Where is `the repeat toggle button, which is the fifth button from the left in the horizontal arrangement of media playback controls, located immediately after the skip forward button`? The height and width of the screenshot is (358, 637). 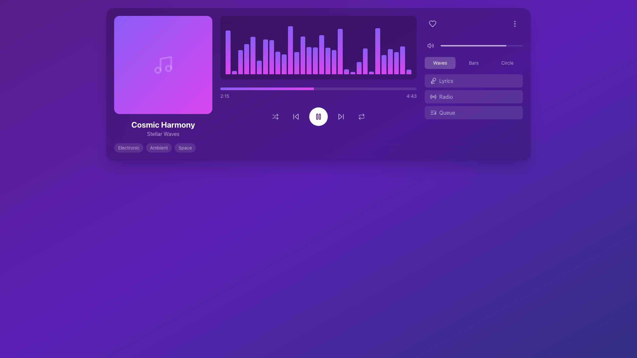
the repeat toggle button, which is the fifth button from the left in the horizontal arrangement of media playback controls, located immediately after the skip forward button is located at coordinates (361, 116).